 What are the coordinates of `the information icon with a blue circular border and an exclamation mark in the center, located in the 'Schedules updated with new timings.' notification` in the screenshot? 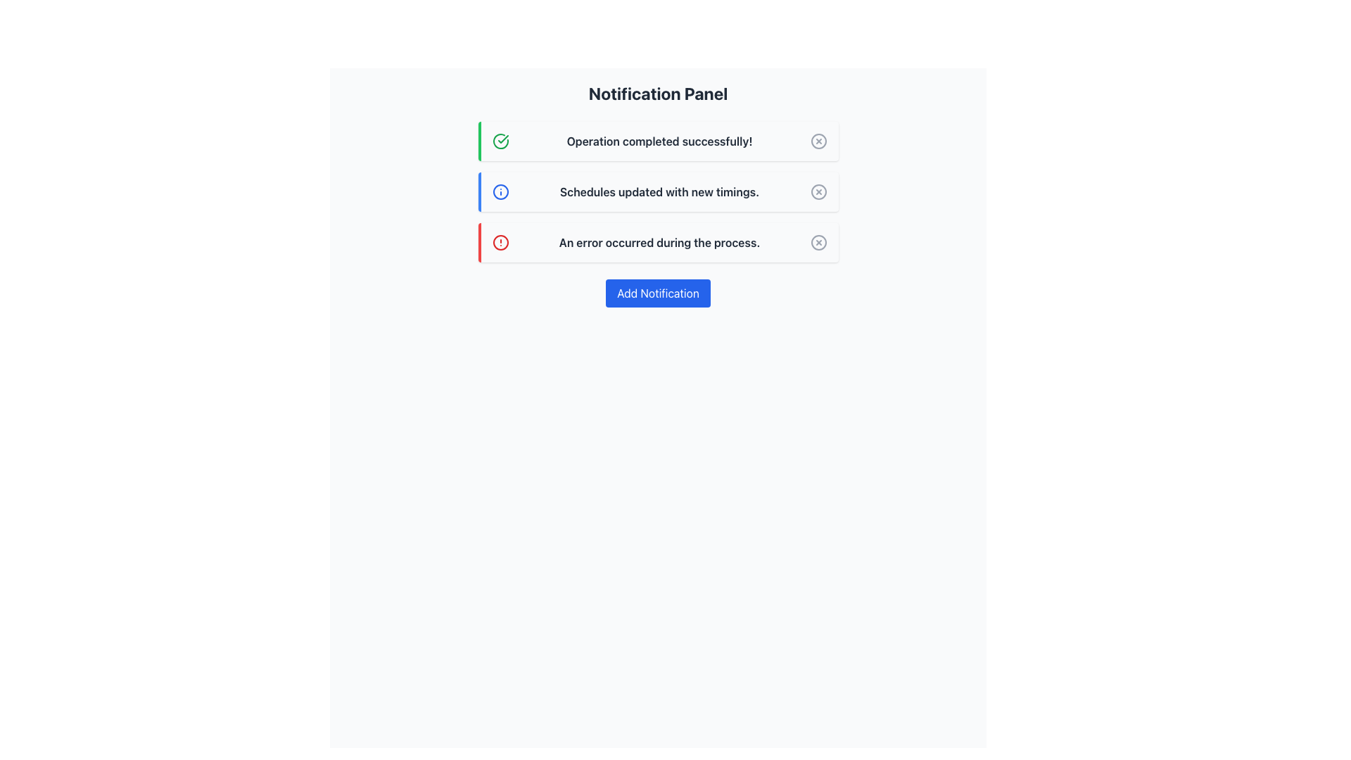 It's located at (500, 192).